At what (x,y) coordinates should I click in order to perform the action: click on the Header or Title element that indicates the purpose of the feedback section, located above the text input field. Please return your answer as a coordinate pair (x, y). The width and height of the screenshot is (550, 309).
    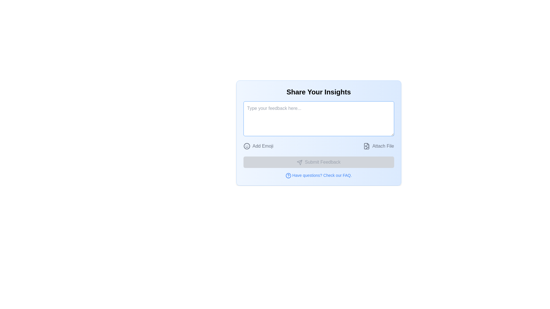
    Looking at the image, I should click on (318, 92).